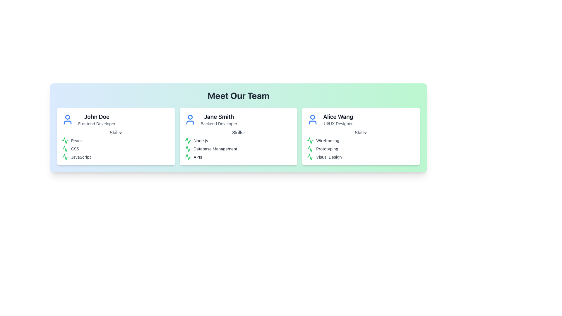 This screenshot has width=562, height=316. Describe the element at coordinates (97, 119) in the screenshot. I see `the Text Display that shows the name and professional title of a person in the 'Meet Our Team' section` at that location.